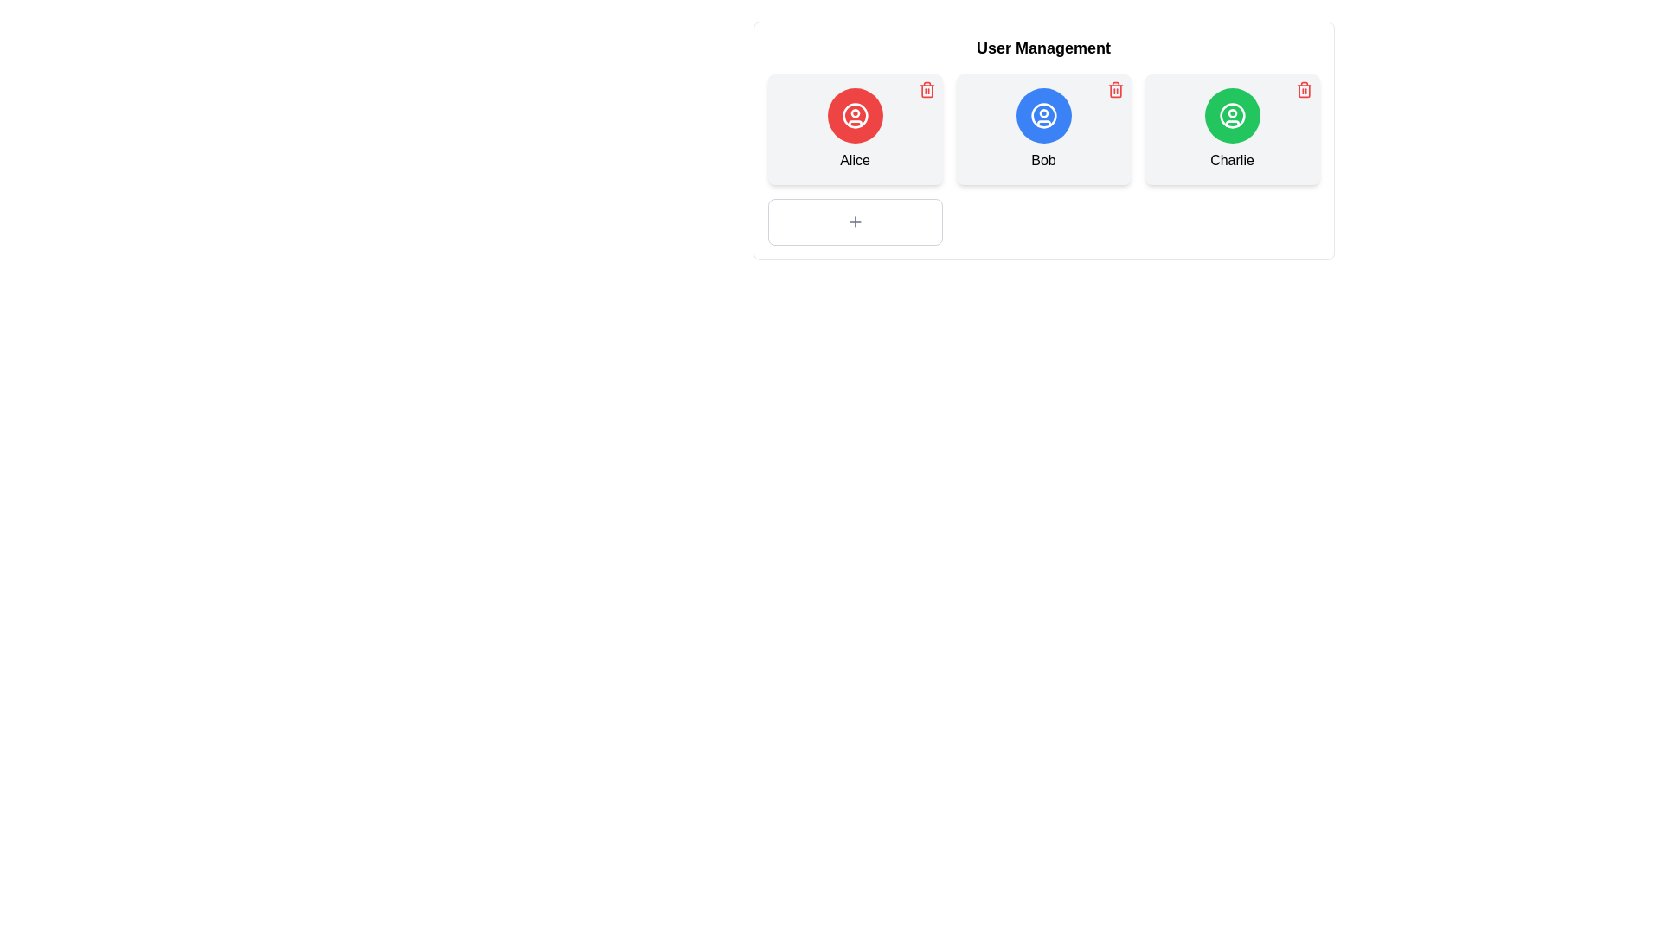 The height and width of the screenshot is (934, 1661). What do you see at coordinates (926, 90) in the screenshot?
I see `the interactive trash bin icon located at the top-right corner of Alice's user card in the User Management section to potentially reveal additional information or a tooltip` at bounding box center [926, 90].